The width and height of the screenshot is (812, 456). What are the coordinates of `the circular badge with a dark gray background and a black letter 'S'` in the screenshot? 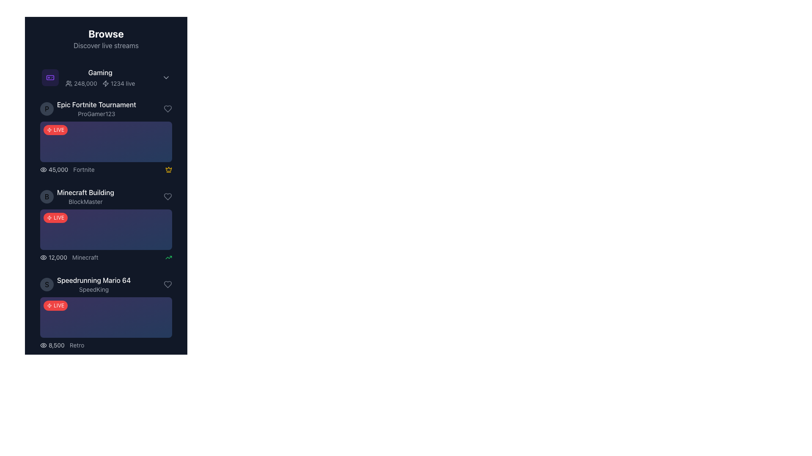 It's located at (46, 285).